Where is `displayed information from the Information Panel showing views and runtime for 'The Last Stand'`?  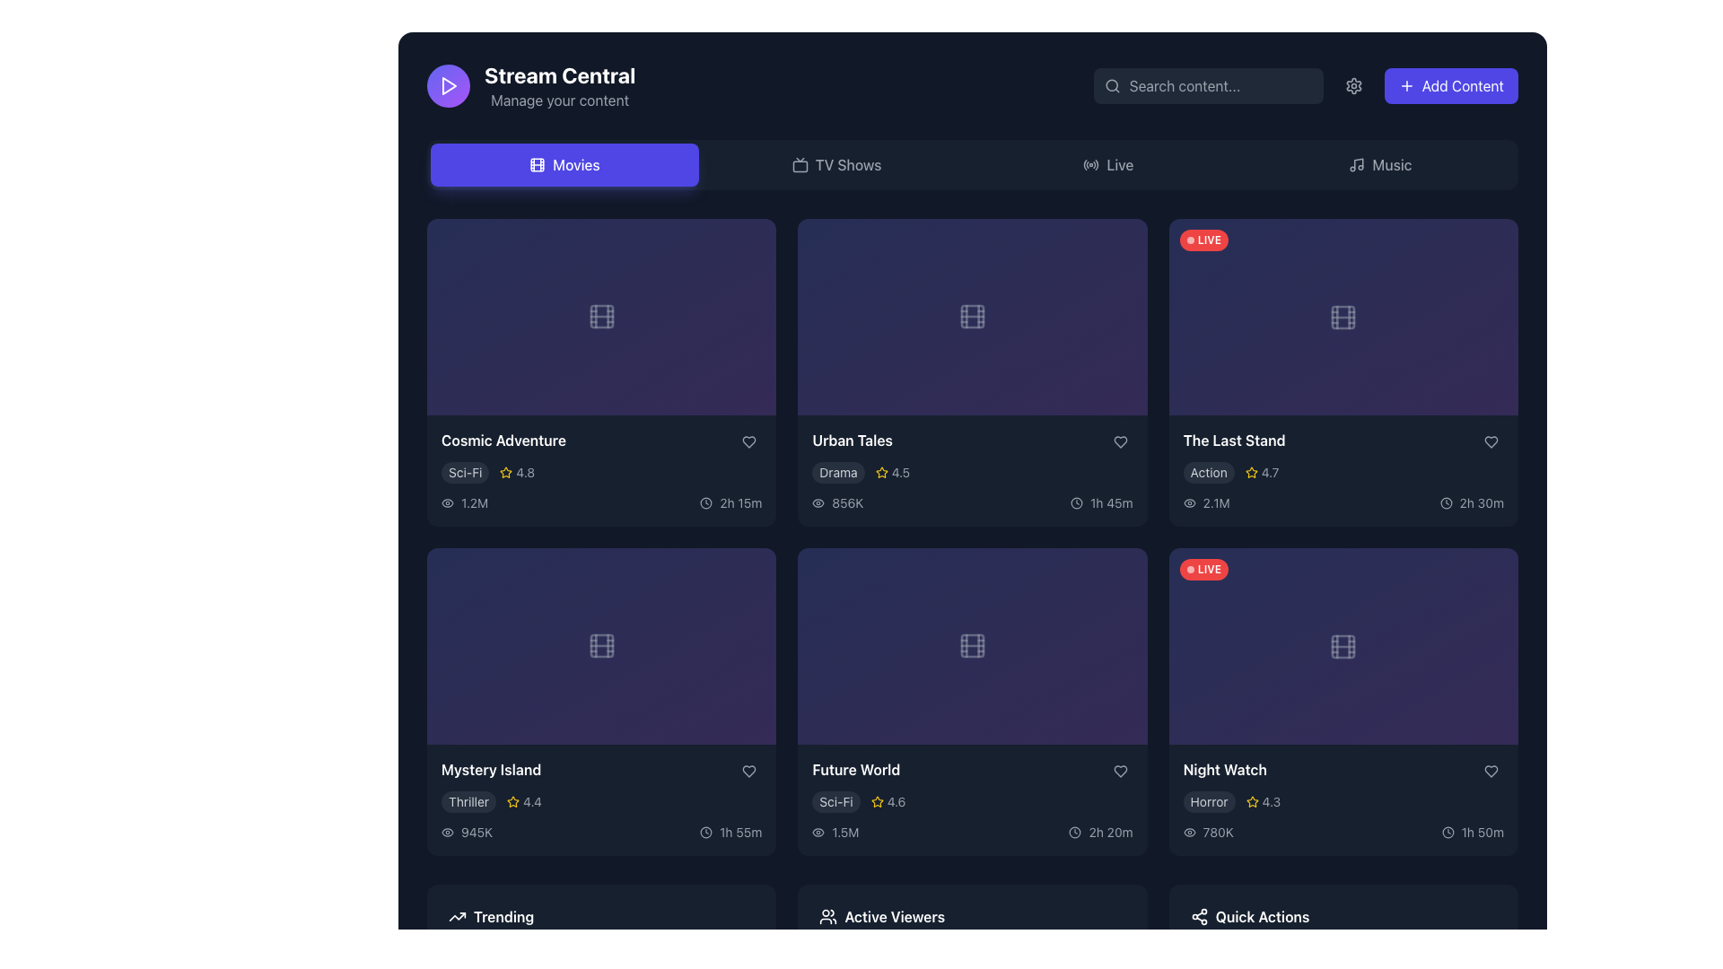
displayed information from the Information Panel showing views and runtime for 'The Last Stand' is located at coordinates (1343, 502).